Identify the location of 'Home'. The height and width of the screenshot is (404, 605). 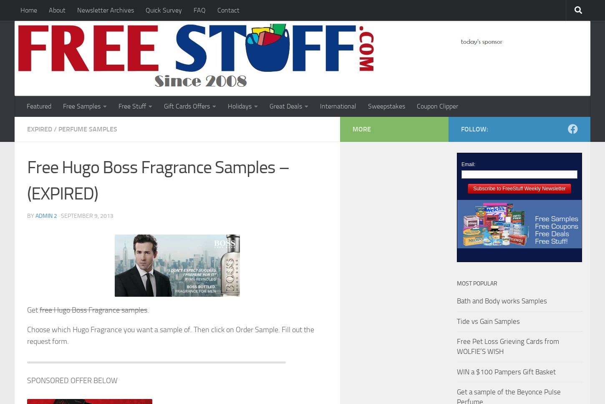
(29, 10).